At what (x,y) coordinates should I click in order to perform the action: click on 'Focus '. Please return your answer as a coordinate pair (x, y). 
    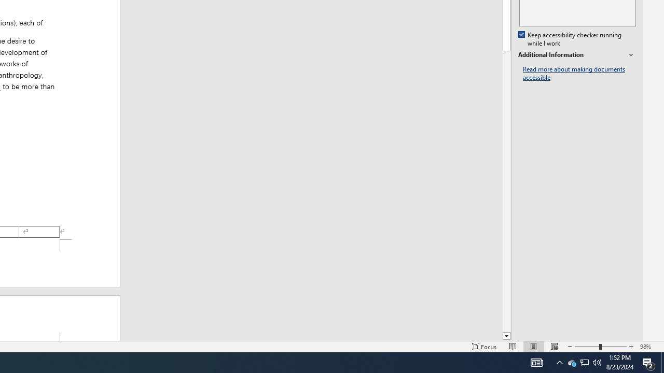
    Looking at the image, I should click on (484, 347).